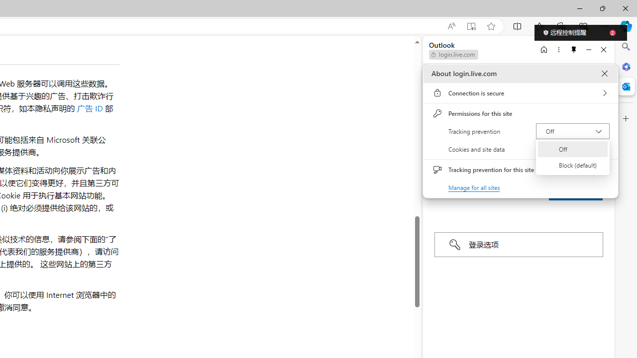  I want to click on 'Tracking prevention for this site (Balanced)', so click(599, 169).